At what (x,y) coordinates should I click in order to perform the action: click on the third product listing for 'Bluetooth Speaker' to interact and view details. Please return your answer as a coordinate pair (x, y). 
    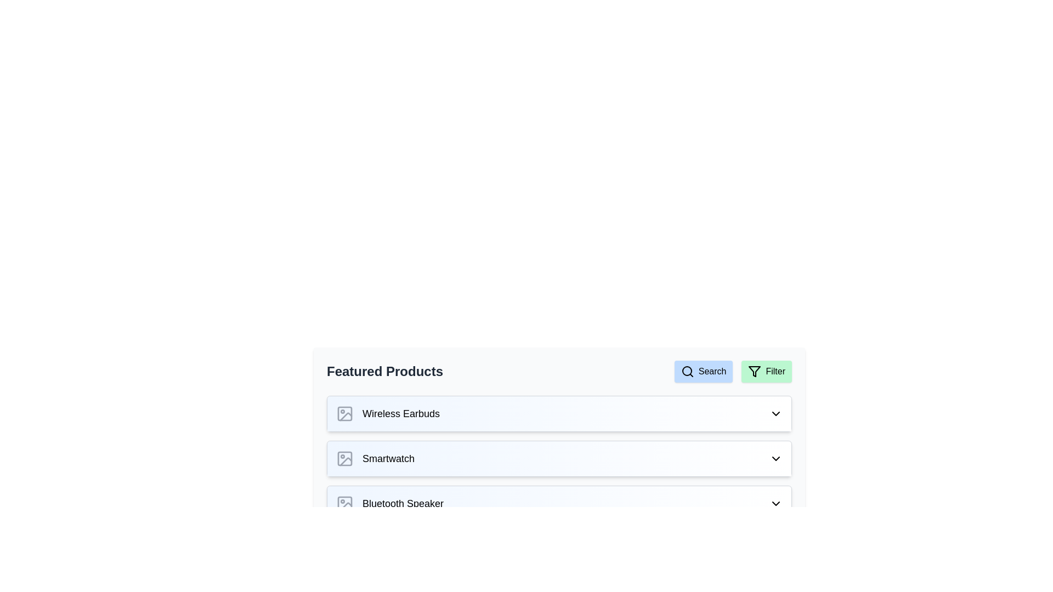
    Looking at the image, I should click on (559, 503).